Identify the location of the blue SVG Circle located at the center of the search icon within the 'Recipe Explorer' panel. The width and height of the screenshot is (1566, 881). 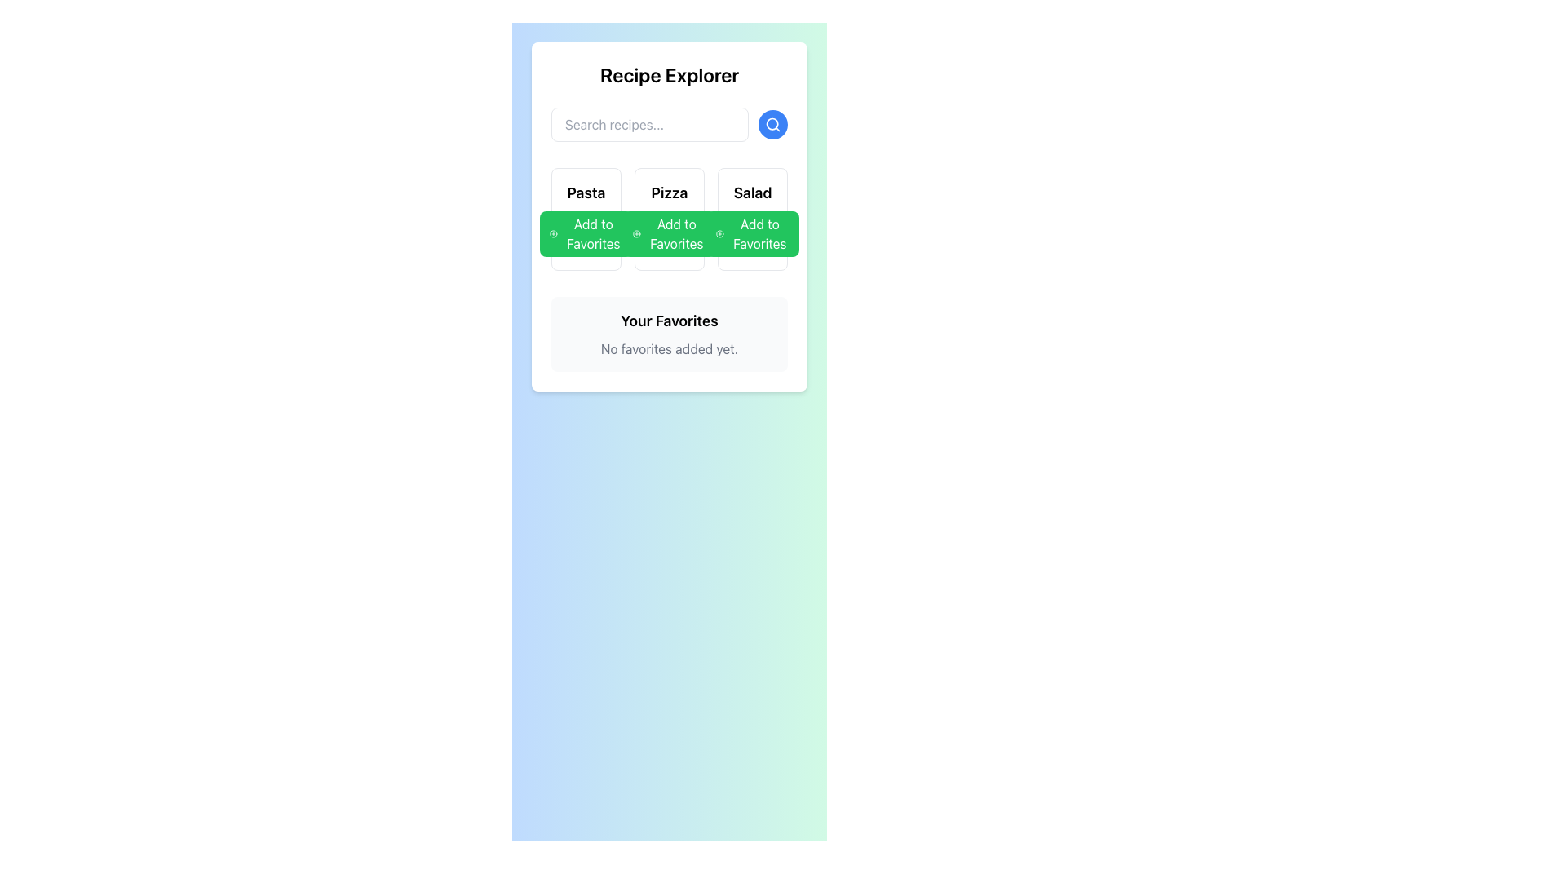
(772, 123).